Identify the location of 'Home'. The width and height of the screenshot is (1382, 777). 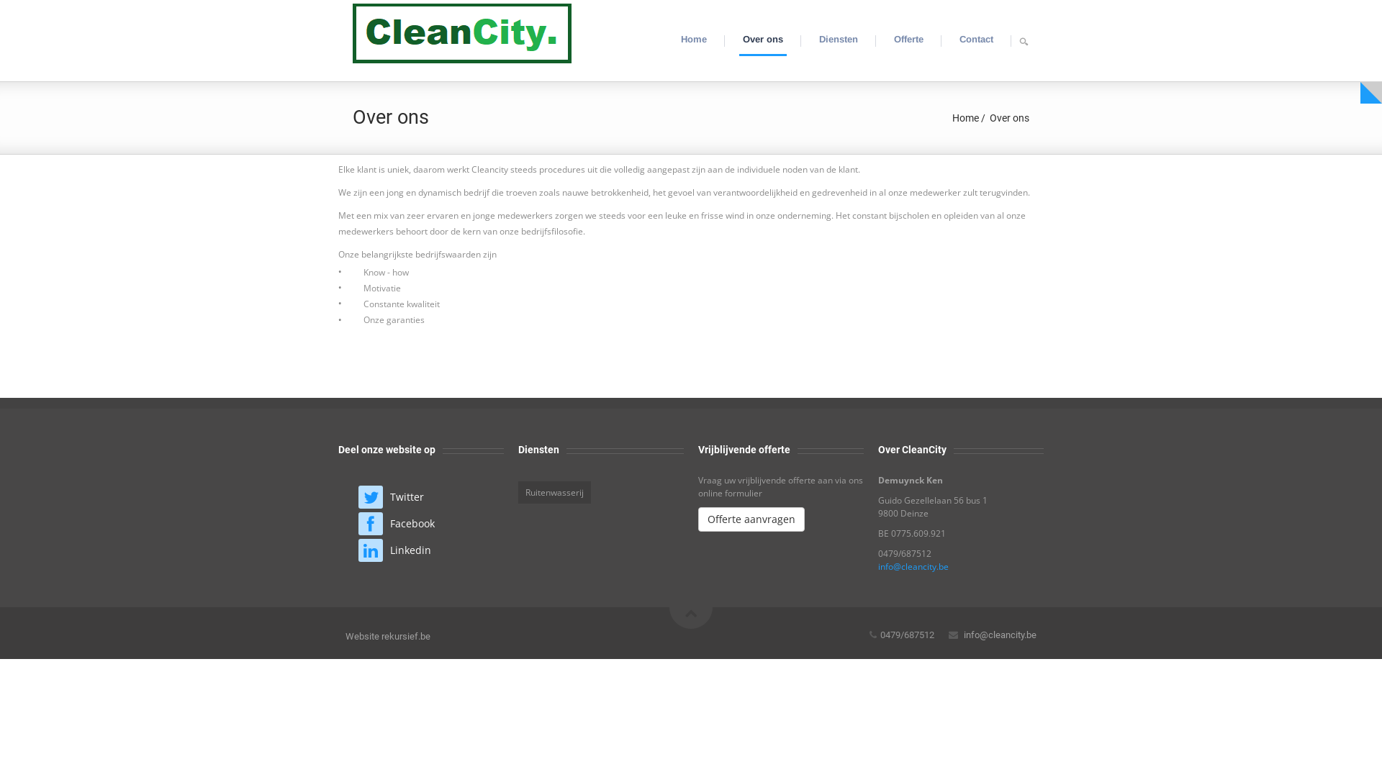
(965, 117).